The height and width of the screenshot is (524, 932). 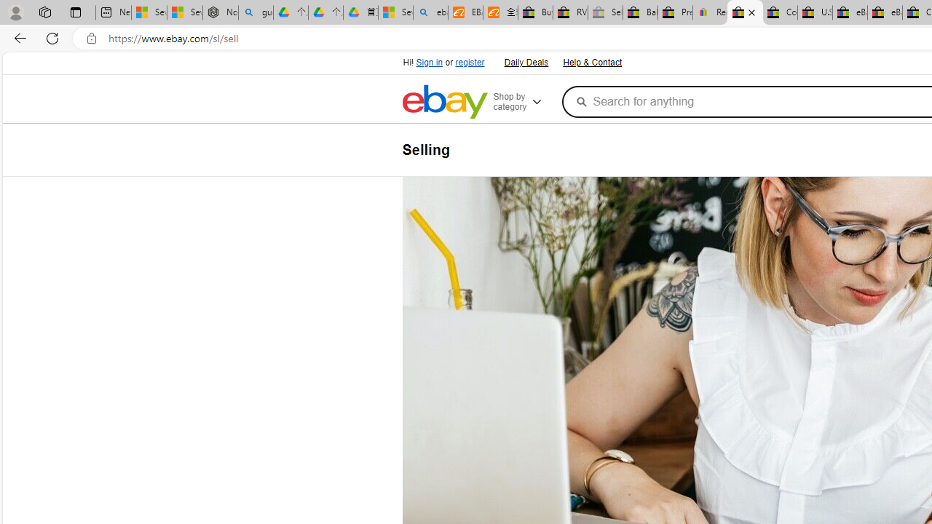 I want to click on 'Daily Deals', so click(x=524, y=60).